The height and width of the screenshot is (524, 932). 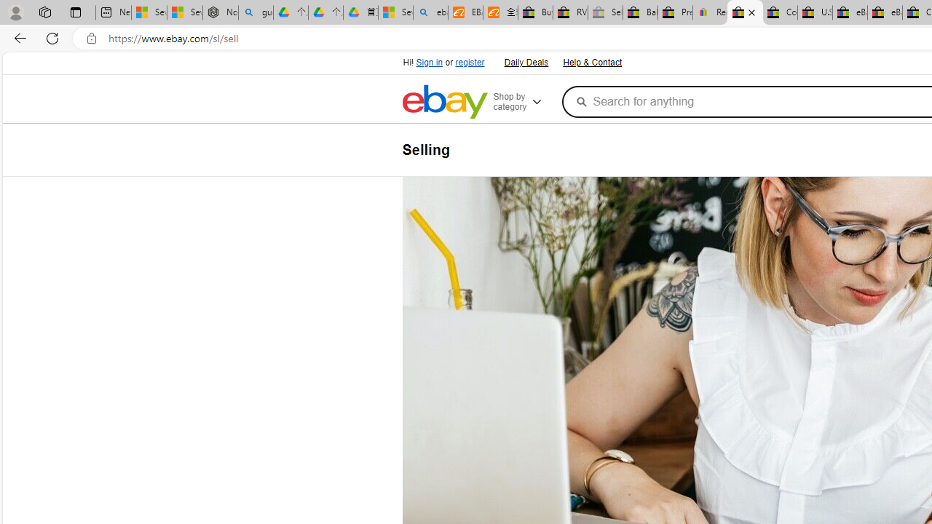 I want to click on 'Daily Deals', so click(x=524, y=60).